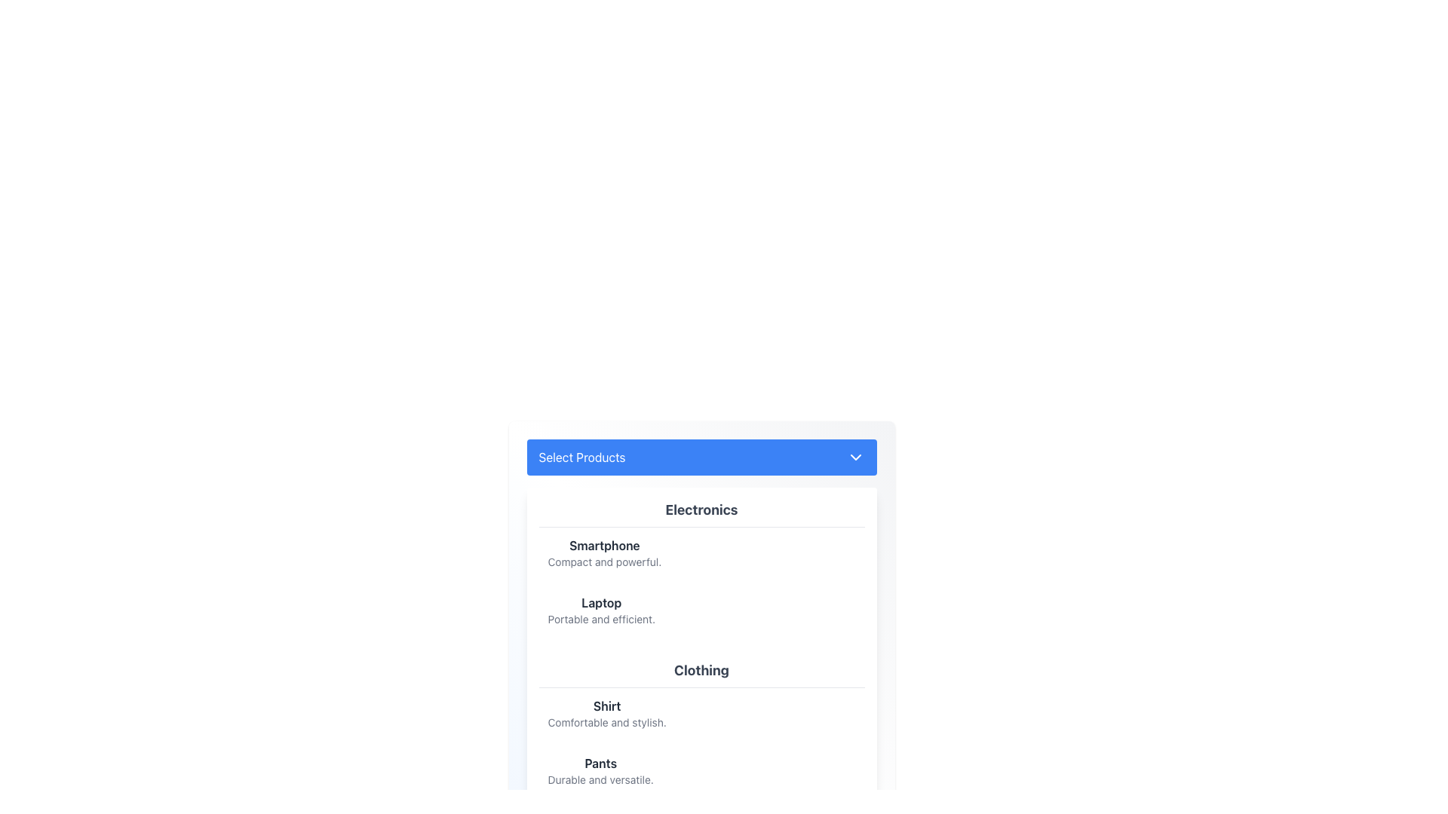 The width and height of the screenshot is (1448, 814). Describe the element at coordinates (855, 456) in the screenshot. I see `the downwards-pointing chevron icon located at the far-right end of the blue button labeled 'Select Products' in the header section` at that location.